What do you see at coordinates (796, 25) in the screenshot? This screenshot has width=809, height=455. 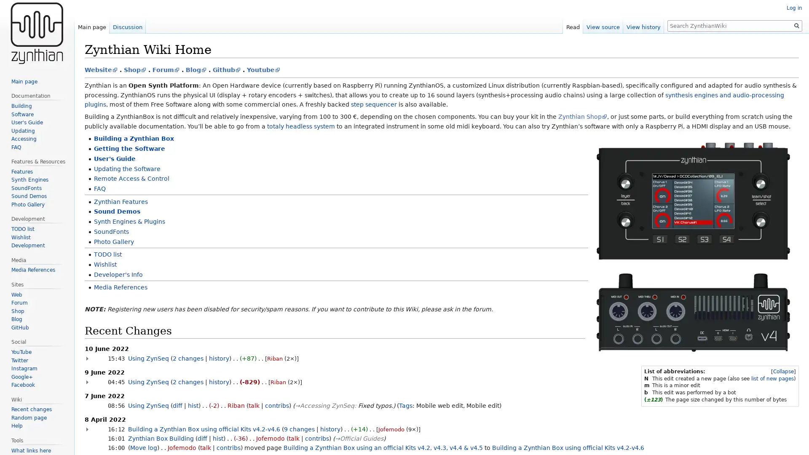 I see `Go` at bounding box center [796, 25].